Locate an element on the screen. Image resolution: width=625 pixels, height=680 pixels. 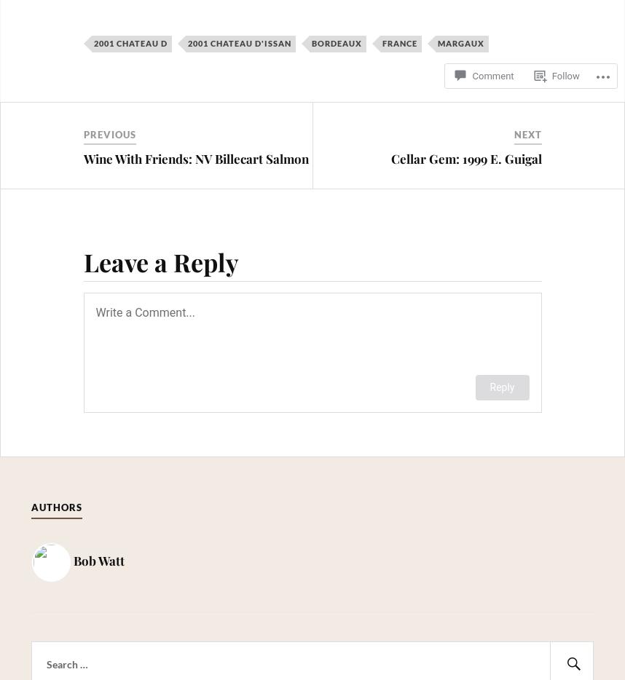
'Wine With Friends: NV Billecart Salmon' is located at coordinates (195, 157).